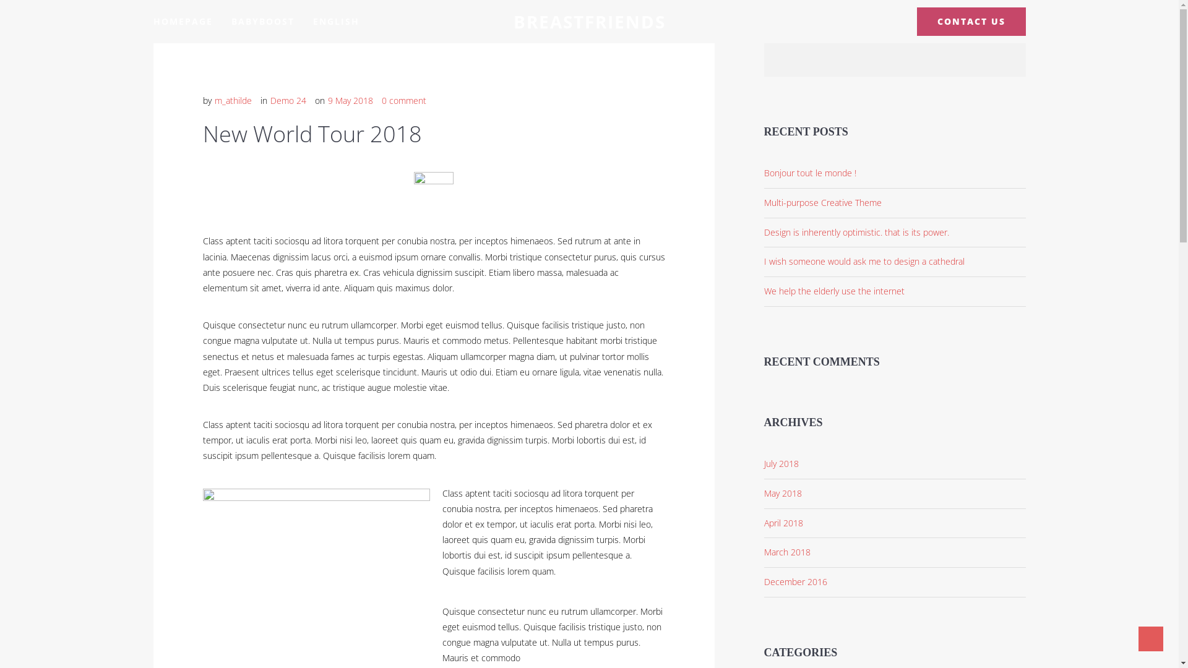 Image resolution: width=1188 pixels, height=668 pixels. I want to click on 'ENGLISH', so click(336, 21).